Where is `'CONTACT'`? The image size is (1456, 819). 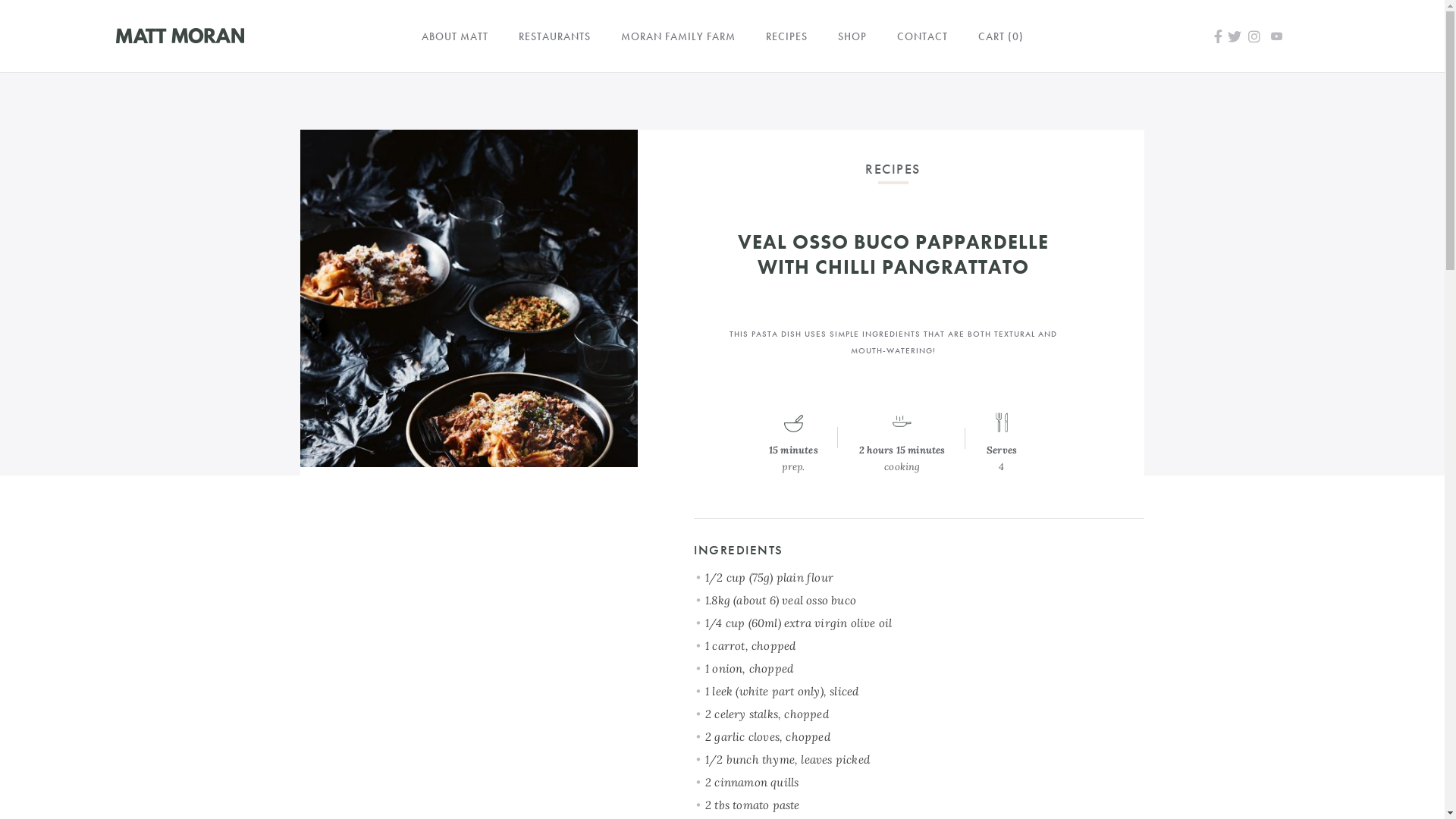
'CONTACT' is located at coordinates (921, 35).